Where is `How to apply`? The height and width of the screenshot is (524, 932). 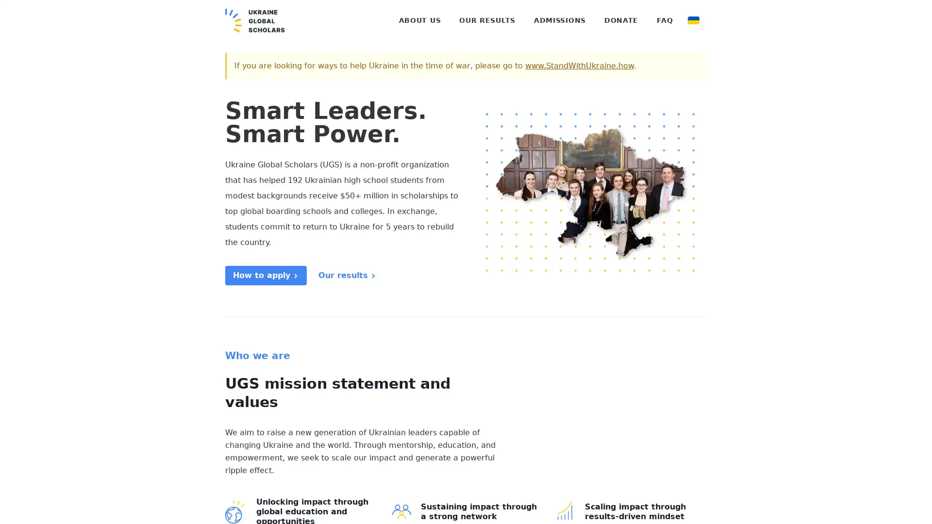
How to apply is located at coordinates (266, 275).